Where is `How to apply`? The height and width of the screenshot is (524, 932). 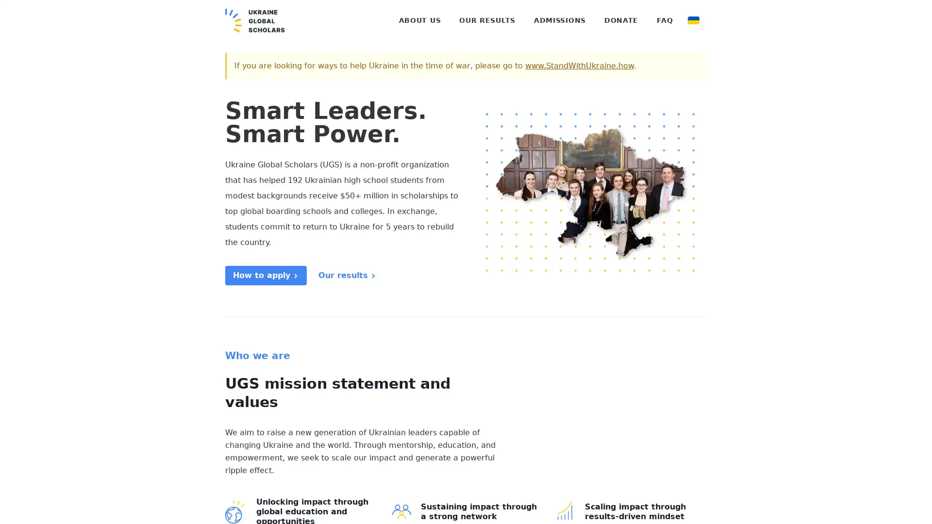
How to apply is located at coordinates (266, 275).